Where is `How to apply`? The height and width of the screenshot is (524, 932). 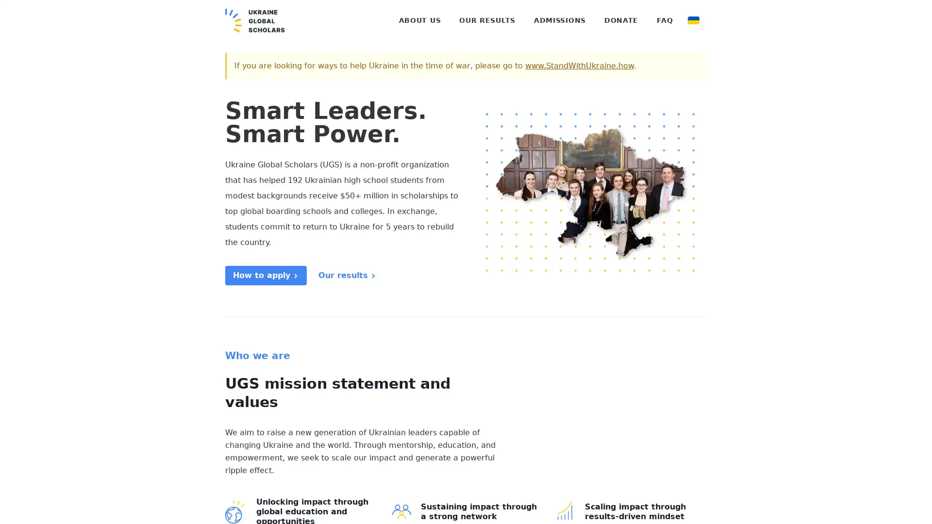
How to apply is located at coordinates (266, 275).